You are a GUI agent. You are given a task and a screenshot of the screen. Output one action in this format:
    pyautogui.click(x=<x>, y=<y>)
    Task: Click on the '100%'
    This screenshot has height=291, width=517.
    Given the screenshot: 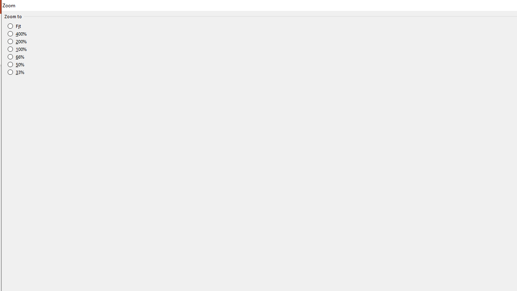 What is the action you would take?
    pyautogui.click(x=17, y=49)
    